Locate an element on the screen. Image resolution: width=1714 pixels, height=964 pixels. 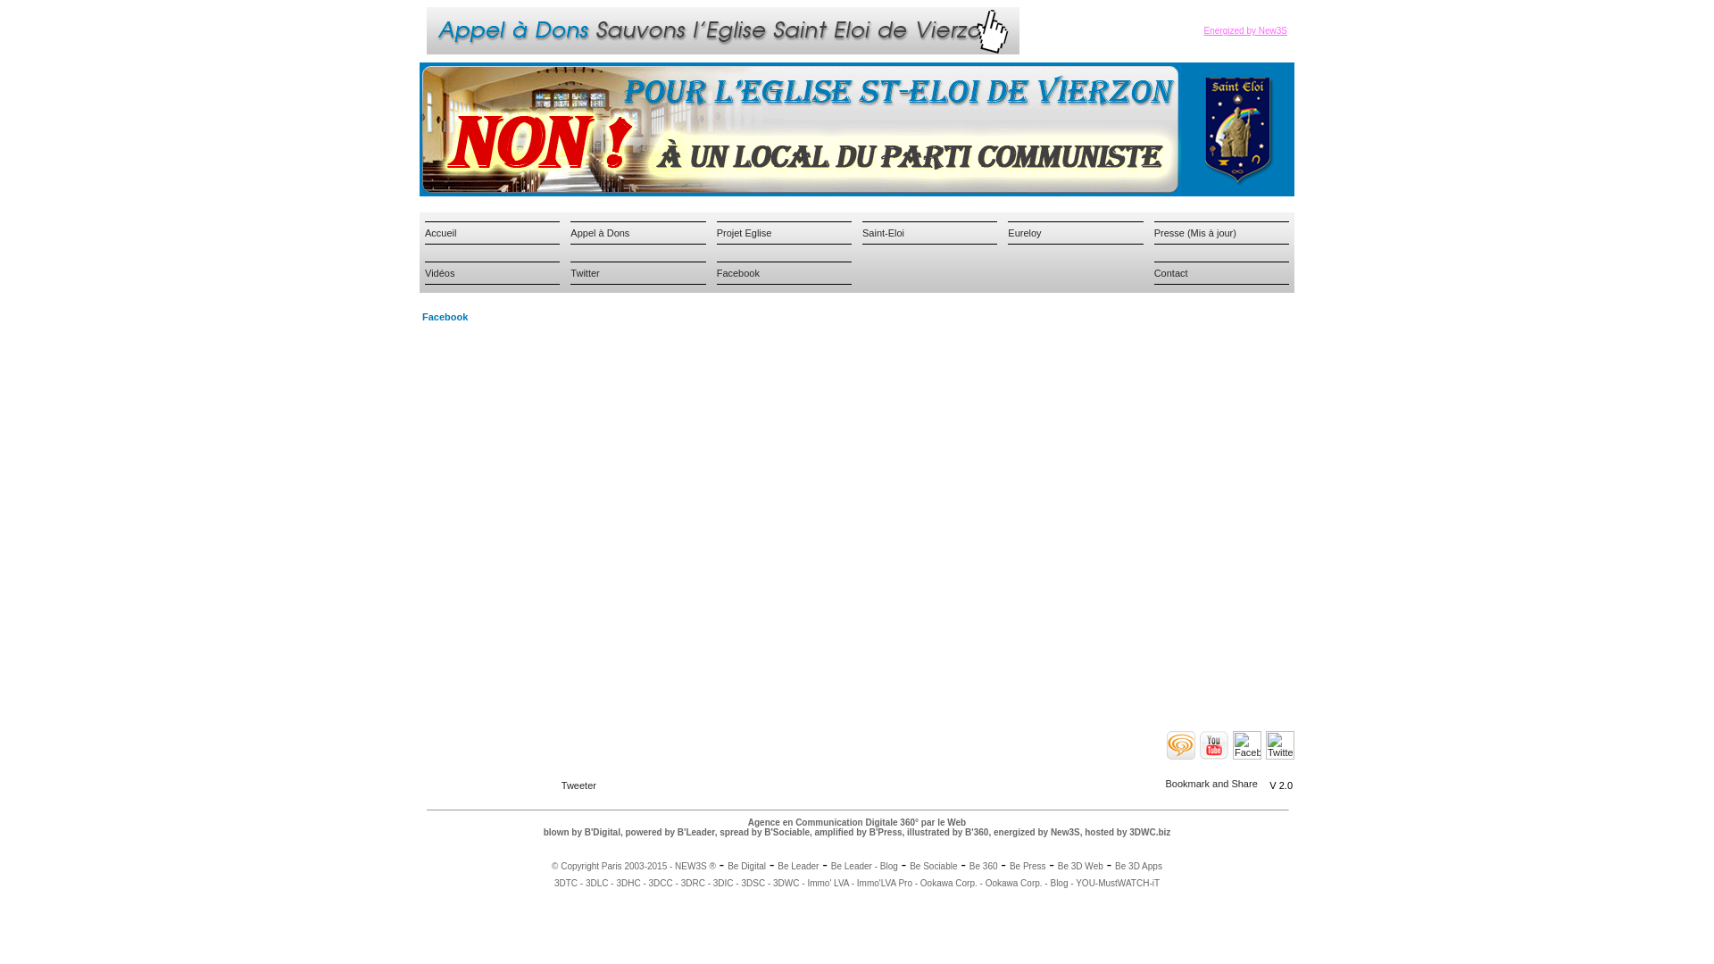
'Projet Eglise' is located at coordinates (745, 230).